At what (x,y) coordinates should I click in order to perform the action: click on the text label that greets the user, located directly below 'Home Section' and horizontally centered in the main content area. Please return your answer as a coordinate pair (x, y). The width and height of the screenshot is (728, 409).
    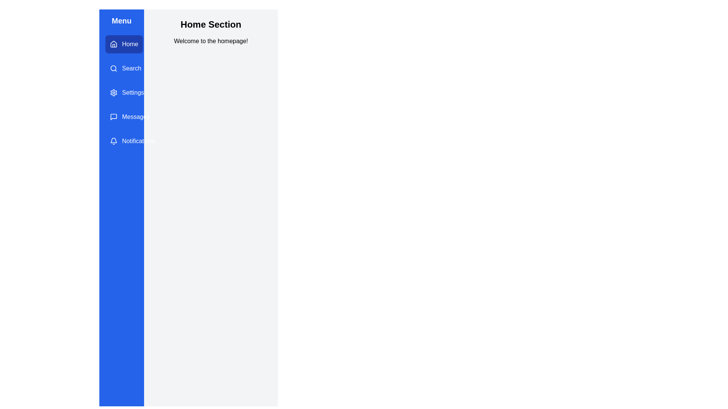
    Looking at the image, I should click on (211, 41).